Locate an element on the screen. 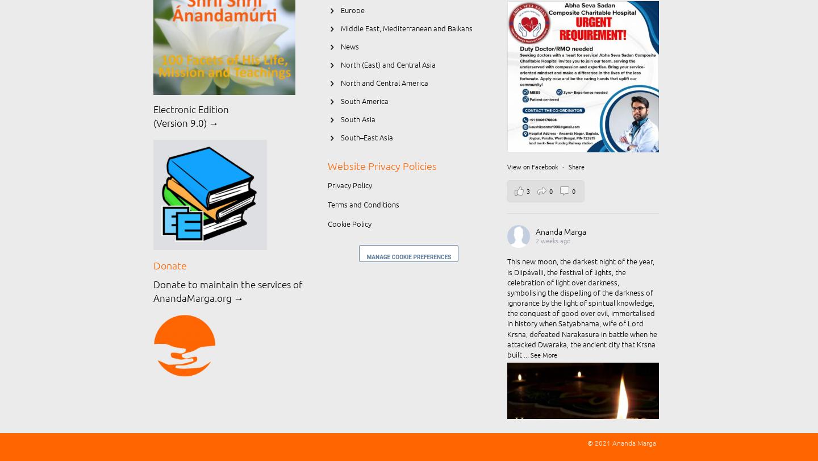 Image resolution: width=818 pixels, height=461 pixels. 'Electronic Edition' is located at coordinates (191, 110).